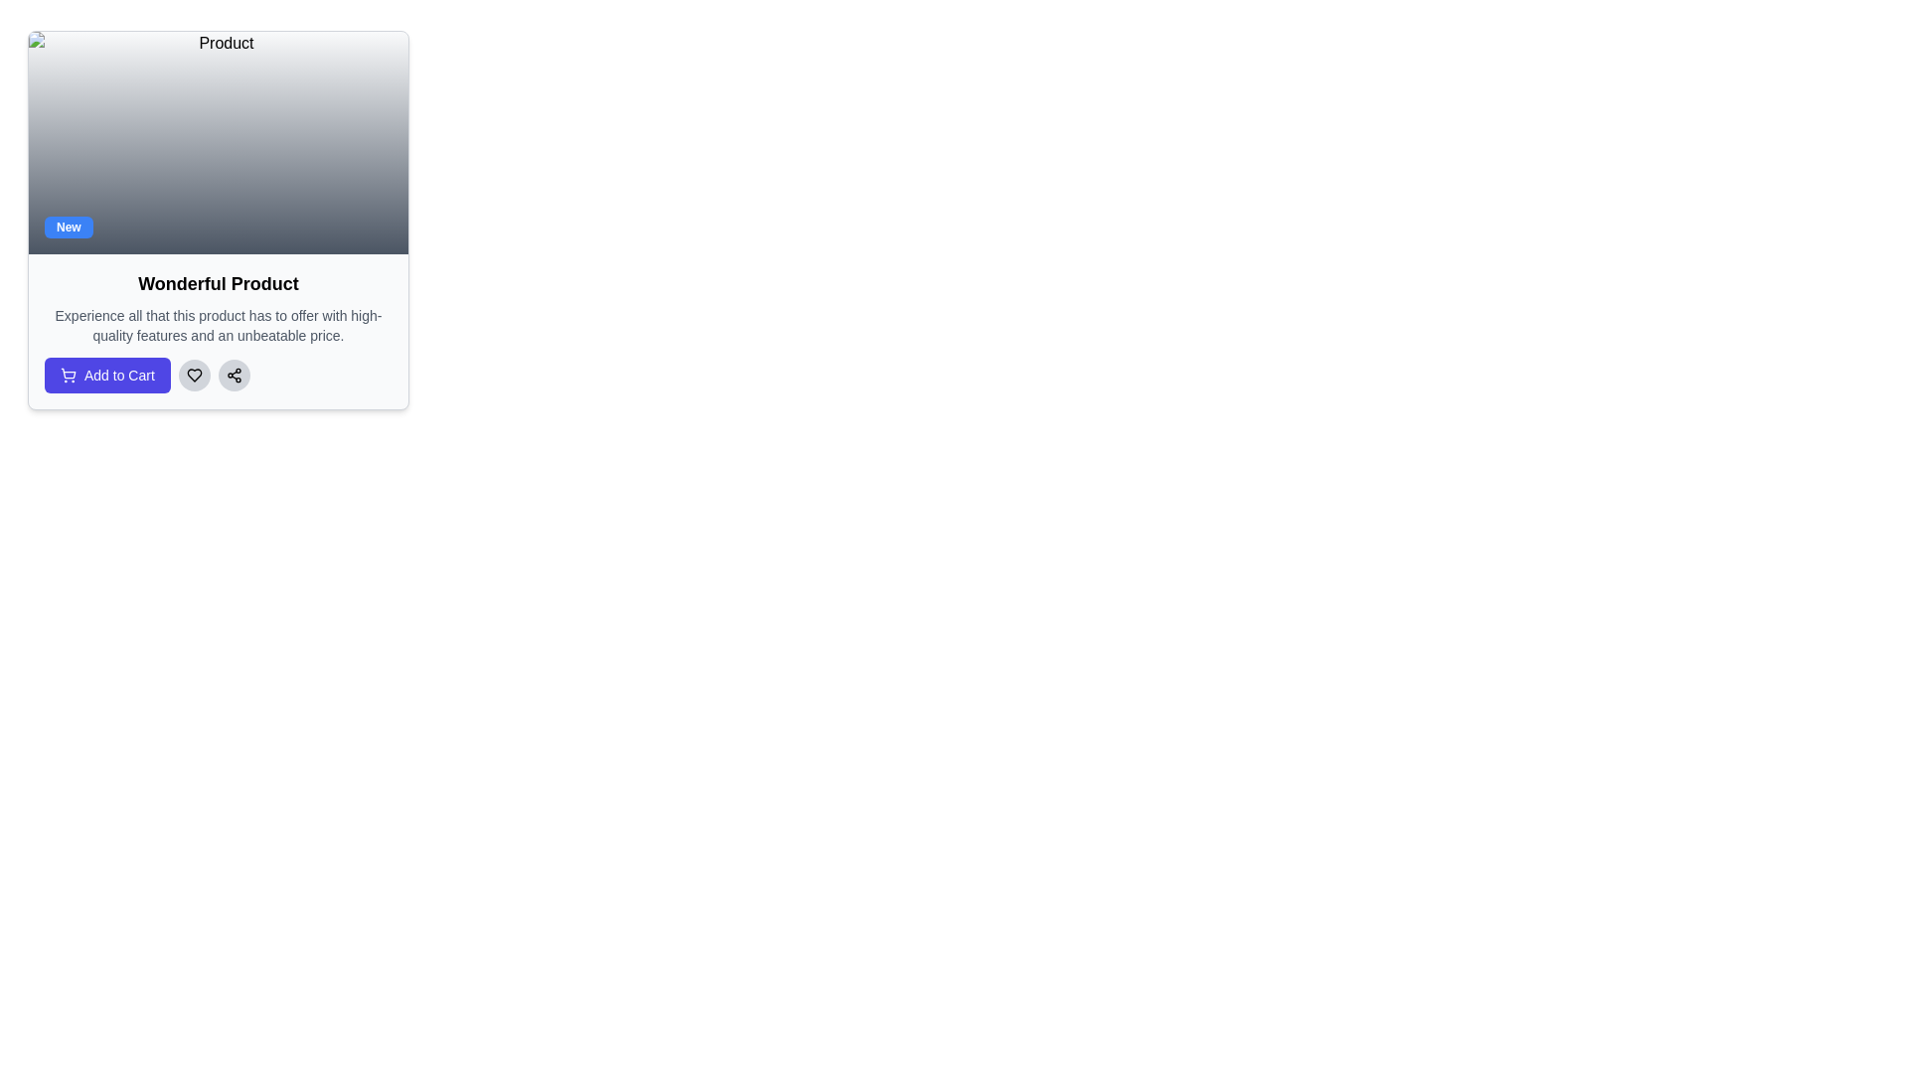 Image resolution: width=1908 pixels, height=1073 pixels. Describe the element at coordinates (234, 376) in the screenshot. I see `the share icon located in the bottom section of the product card, positioned to the right of the heart icon` at that location.